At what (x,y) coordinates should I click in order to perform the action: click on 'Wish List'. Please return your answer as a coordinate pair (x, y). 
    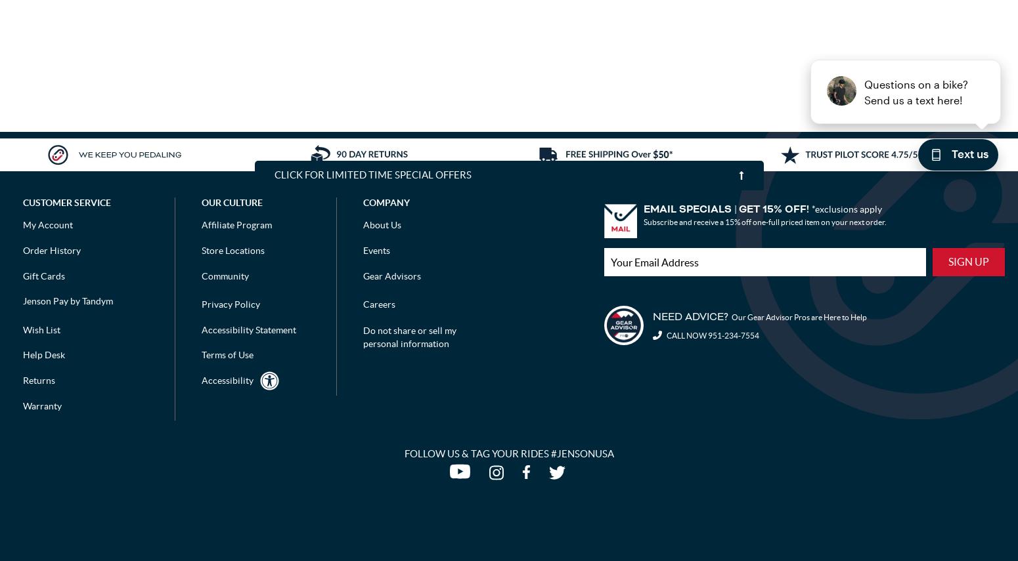
    Looking at the image, I should click on (41, 328).